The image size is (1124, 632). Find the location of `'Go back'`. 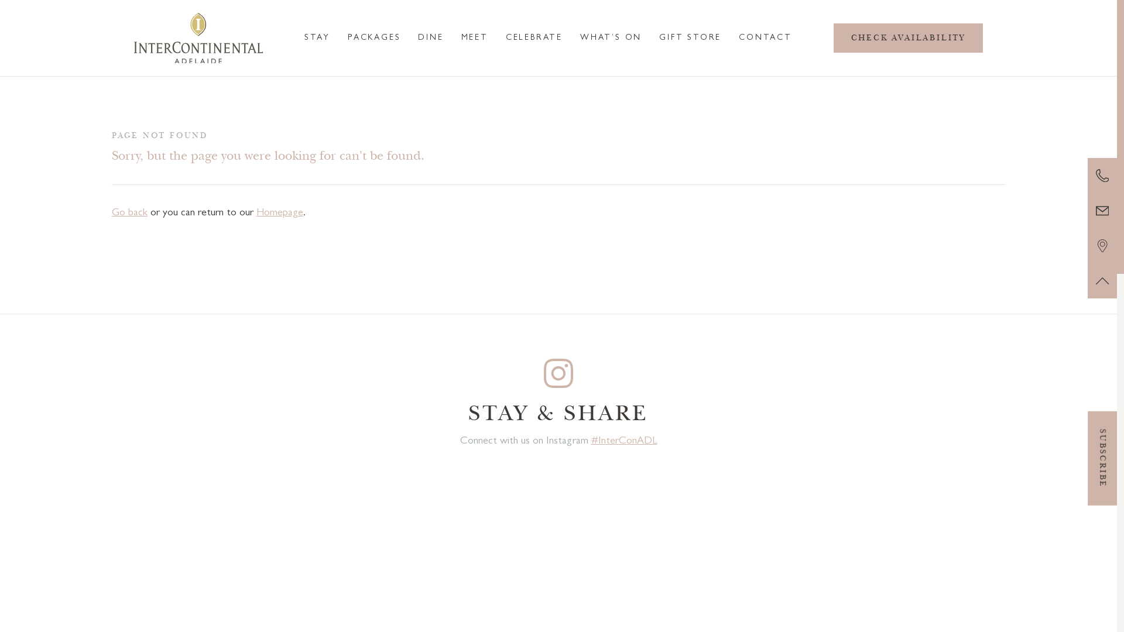

'Go back' is located at coordinates (129, 214).